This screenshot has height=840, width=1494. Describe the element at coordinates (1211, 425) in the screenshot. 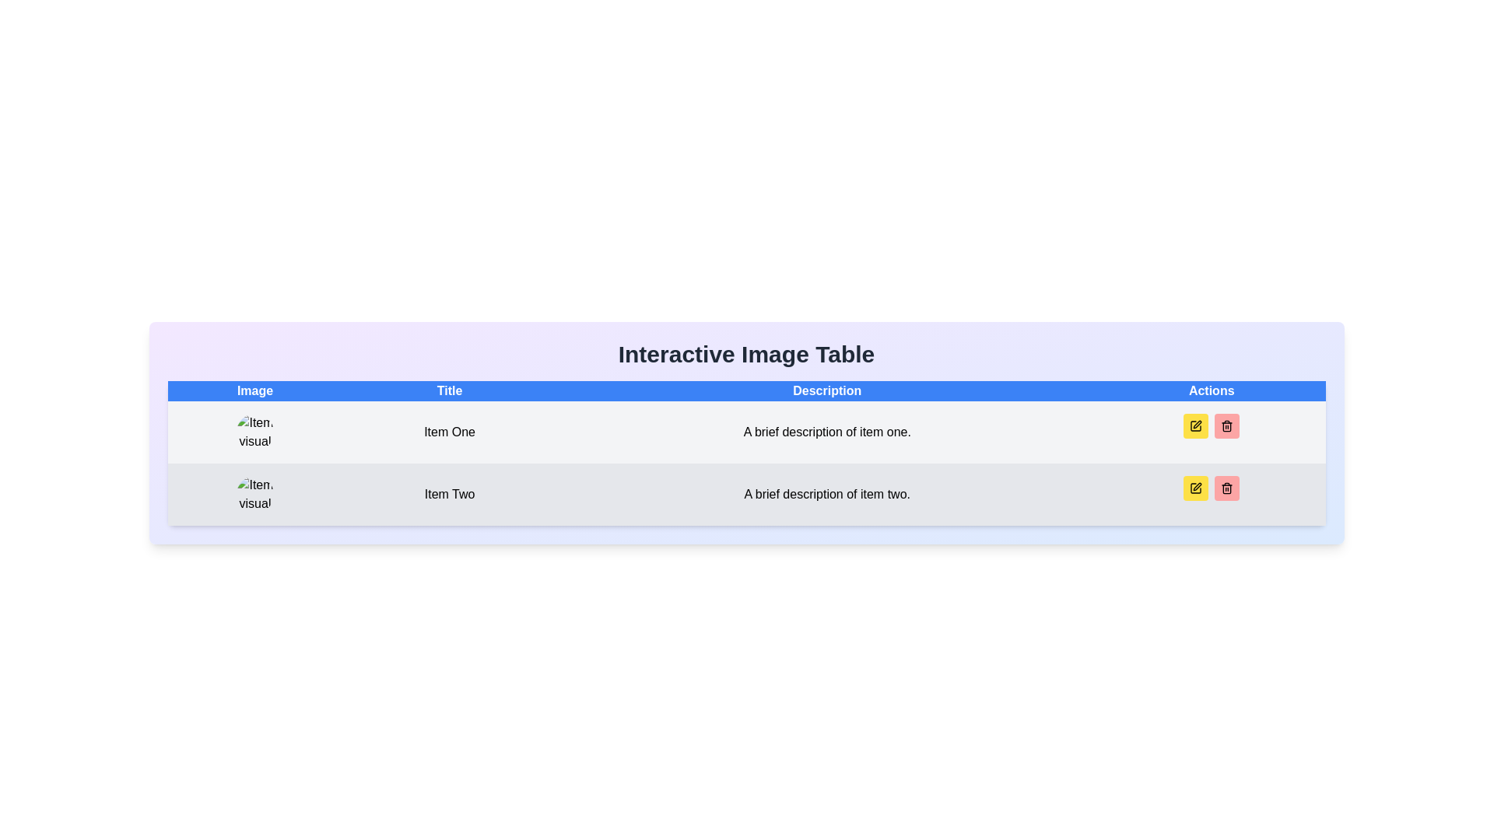

I see `the delete button with a red background and trash icon located in the Interactive controls group in the 'Actions' column of the first row` at that location.